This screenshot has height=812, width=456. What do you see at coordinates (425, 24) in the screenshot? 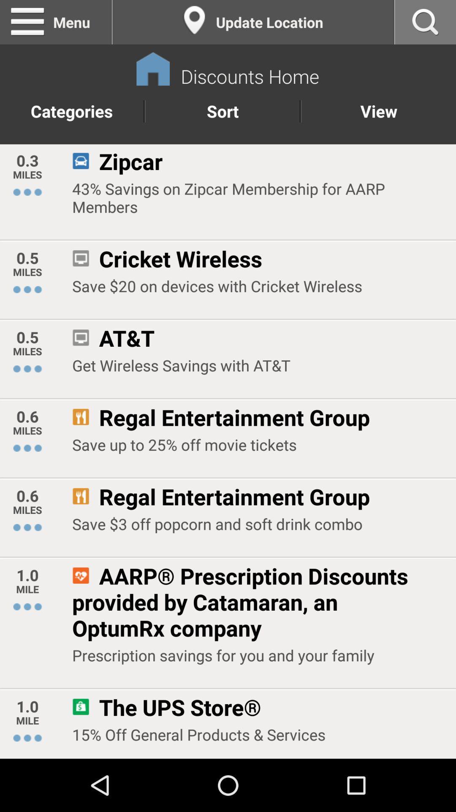
I see `the search icon` at bounding box center [425, 24].